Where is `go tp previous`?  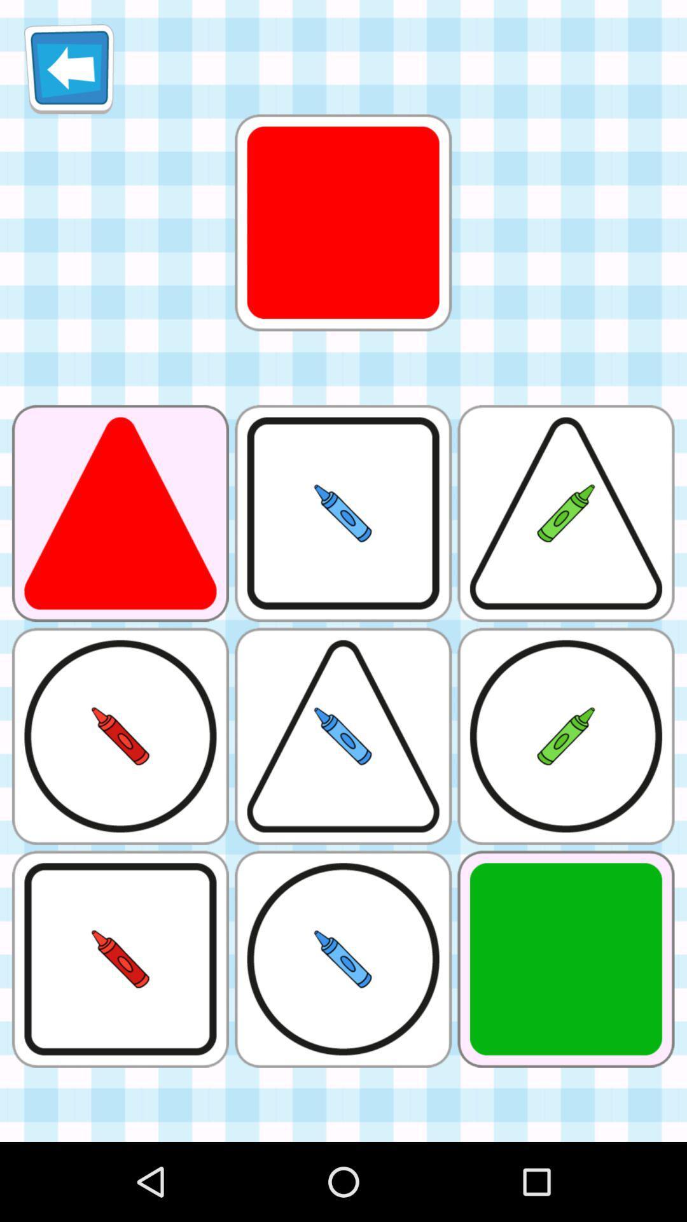 go tp previous is located at coordinates (69, 68).